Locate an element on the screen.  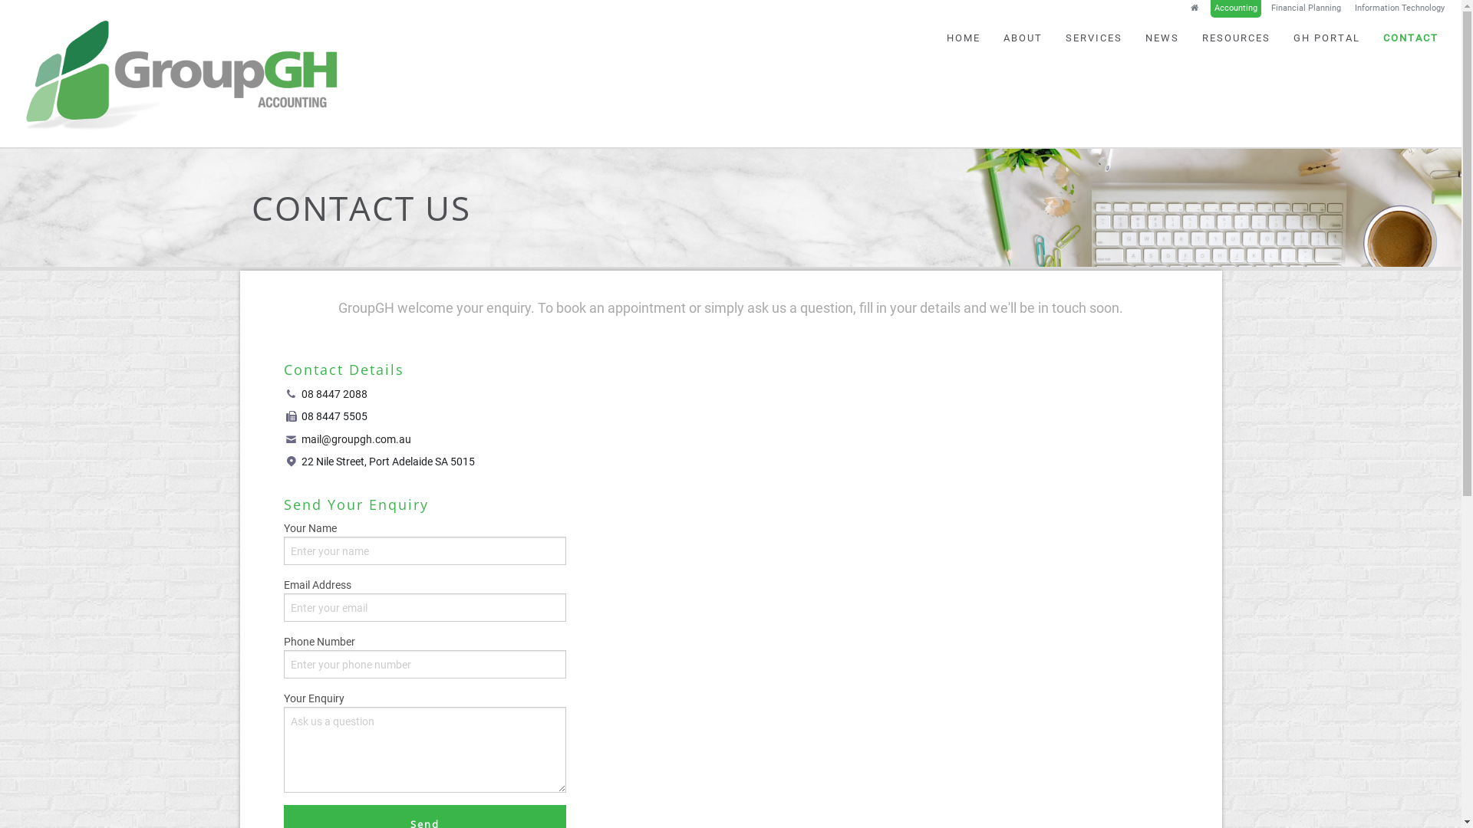
'ABOUT' is located at coordinates (1023, 37).